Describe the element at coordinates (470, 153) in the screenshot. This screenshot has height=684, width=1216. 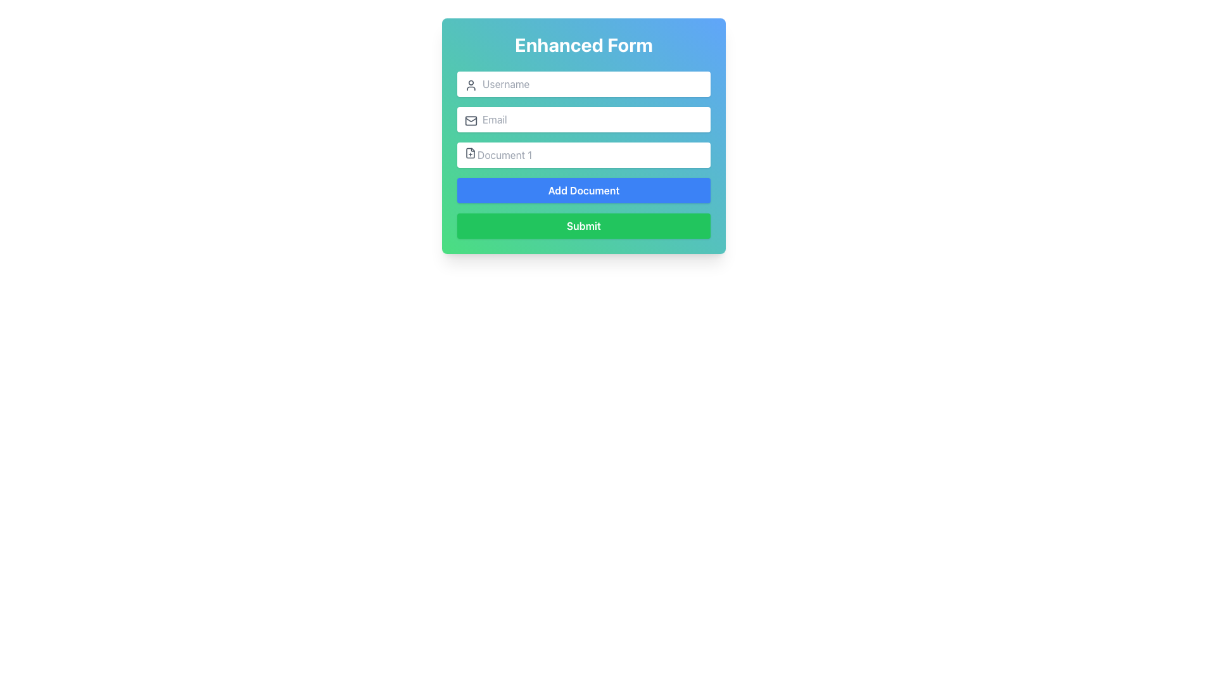
I see `the document outline icon with a plus mark located on the left side of the input field labeled 'Document 1'` at that location.